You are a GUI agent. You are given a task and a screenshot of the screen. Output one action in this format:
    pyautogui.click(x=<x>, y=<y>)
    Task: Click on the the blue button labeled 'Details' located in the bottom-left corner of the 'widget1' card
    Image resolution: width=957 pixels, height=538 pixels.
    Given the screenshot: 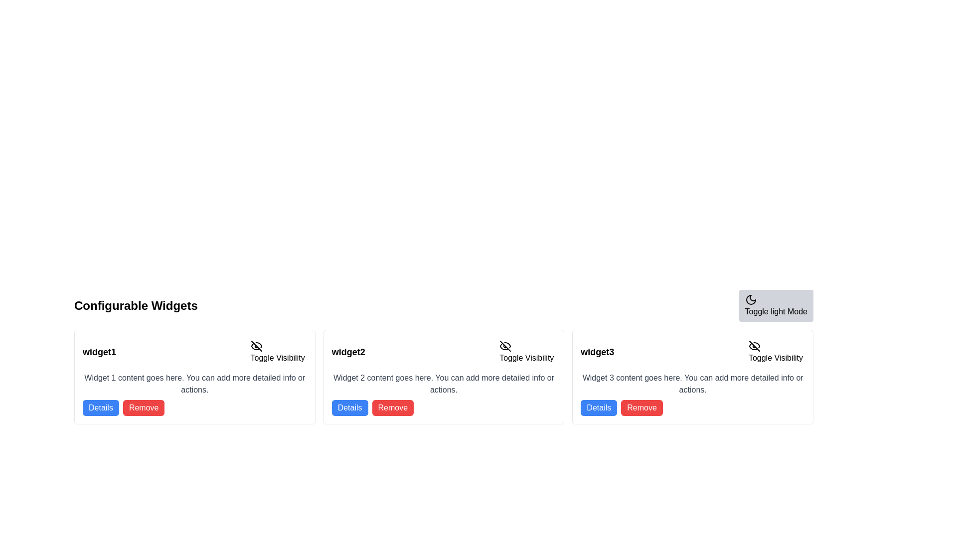 What is the action you would take?
    pyautogui.click(x=101, y=407)
    